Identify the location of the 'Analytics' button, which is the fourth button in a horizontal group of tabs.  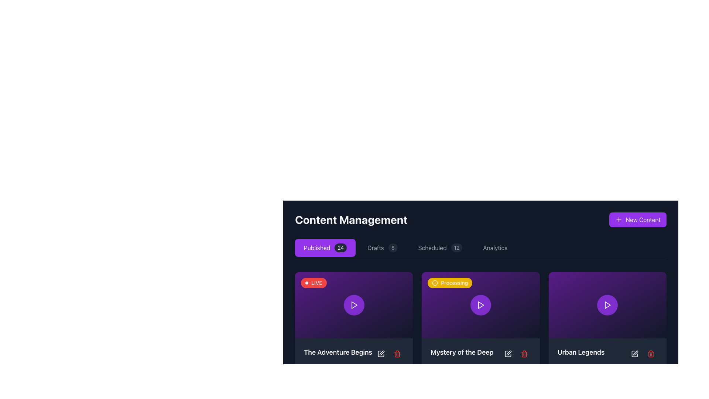
(495, 248).